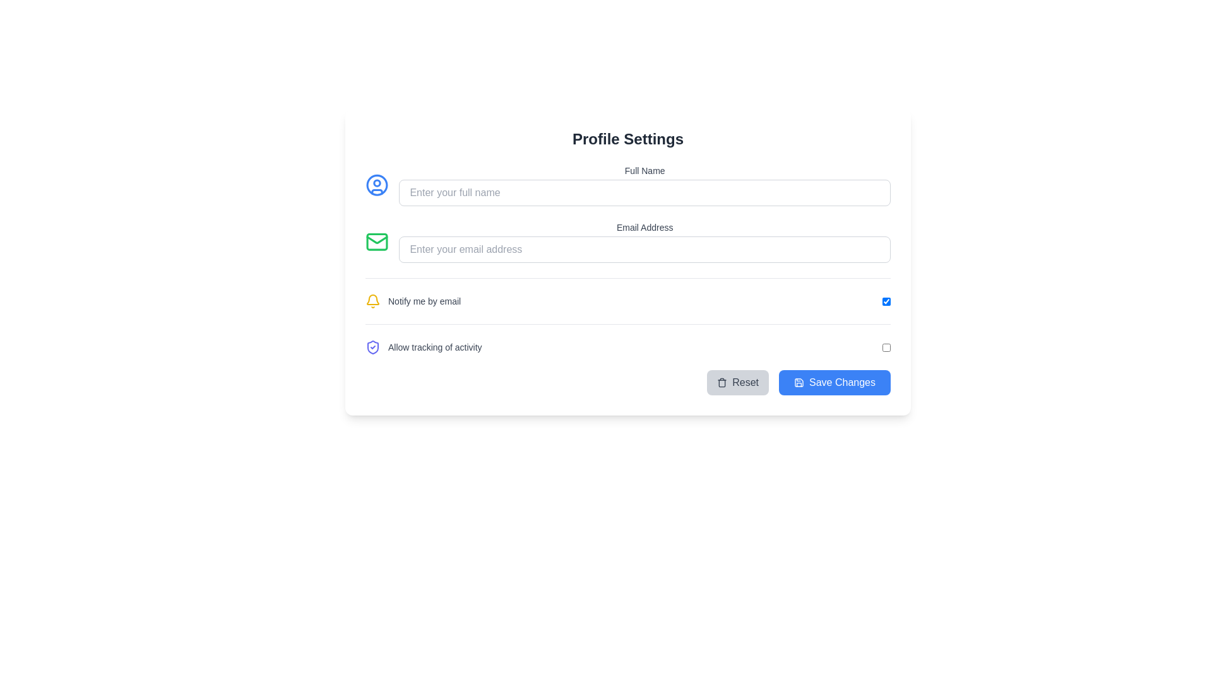  What do you see at coordinates (424, 347) in the screenshot?
I see `the label that displays 'Allow tracking of activity' with an indigo shield icon, located below the 'Notify me by email' option` at bounding box center [424, 347].